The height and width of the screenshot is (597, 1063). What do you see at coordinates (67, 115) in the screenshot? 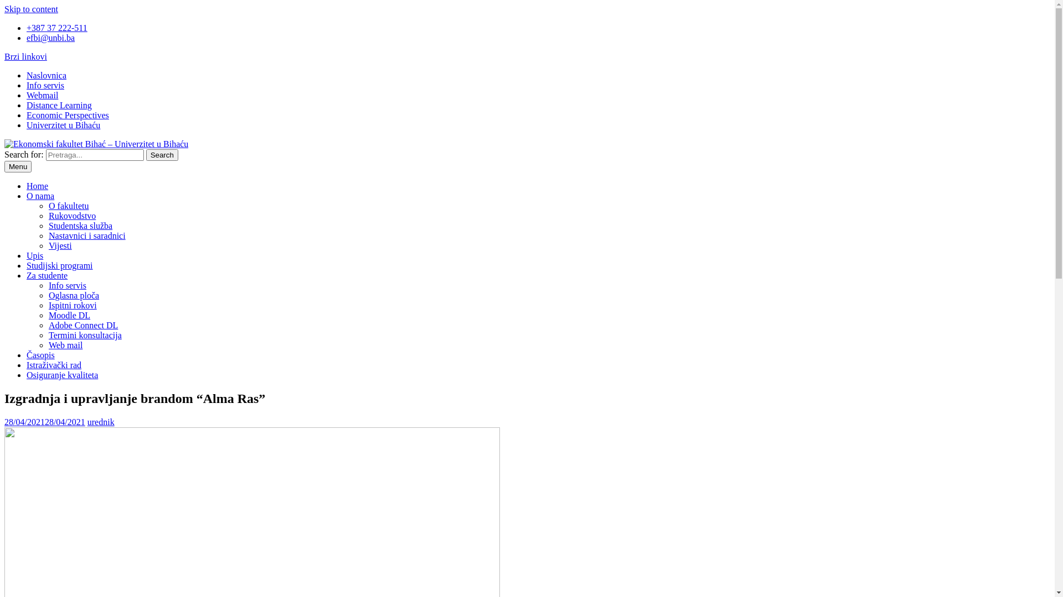
I see `'Economic Perspectives'` at bounding box center [67, 115].